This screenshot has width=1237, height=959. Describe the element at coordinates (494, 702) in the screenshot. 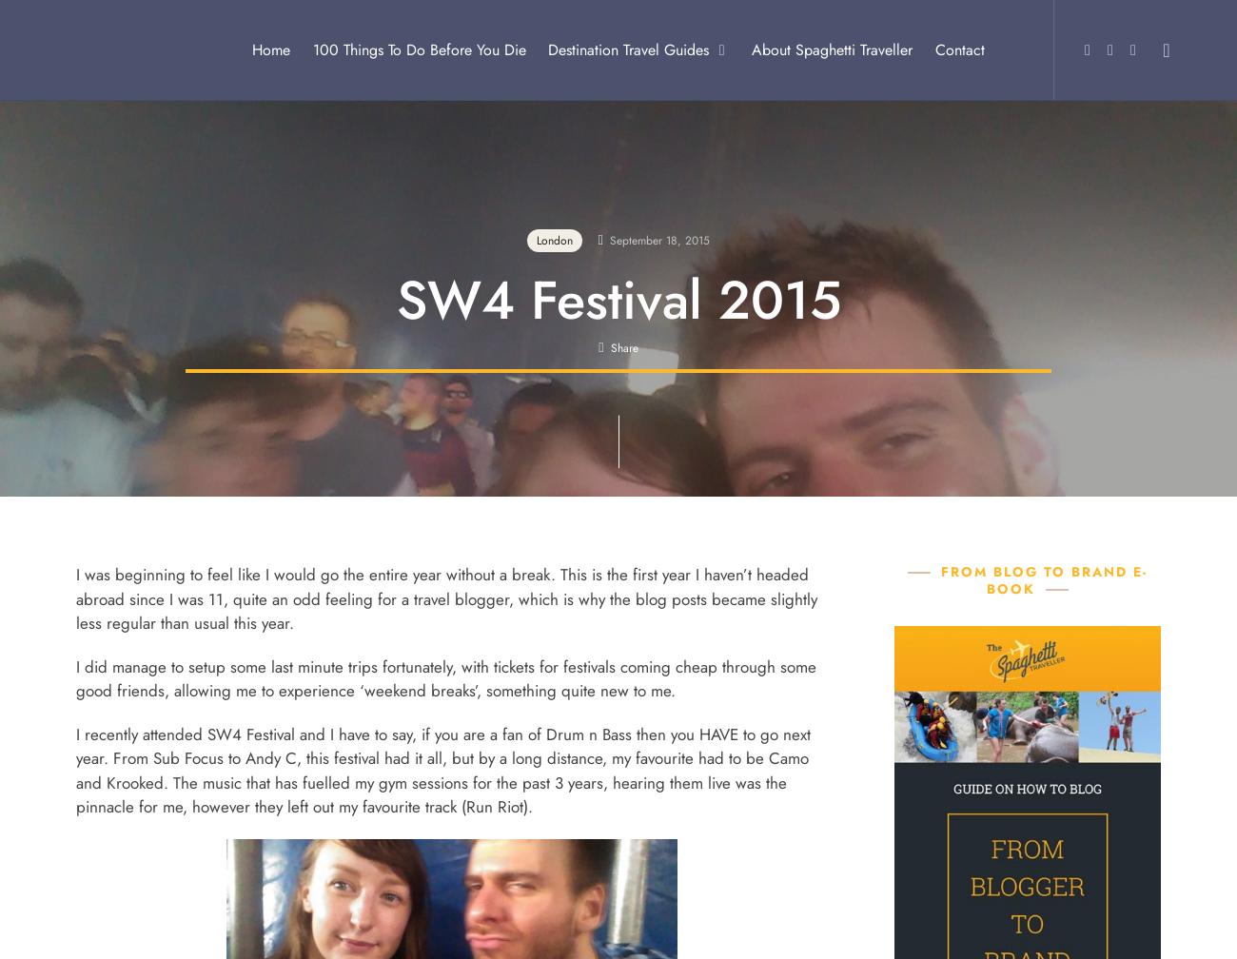

I see `'Egypt'` at that location.